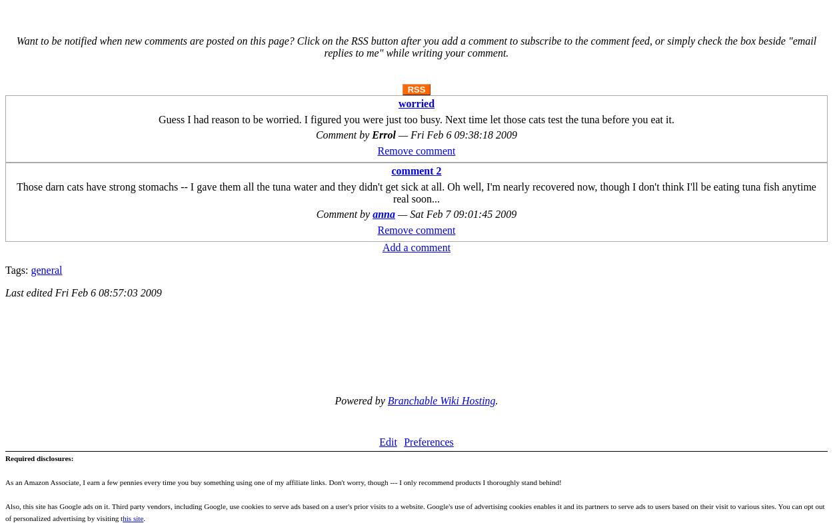 The image size is (833, 529). What do you see at coordinates (39, 458) in the screenshot?
I see `'Required disclosures:'` at bounding box center [39, 458].